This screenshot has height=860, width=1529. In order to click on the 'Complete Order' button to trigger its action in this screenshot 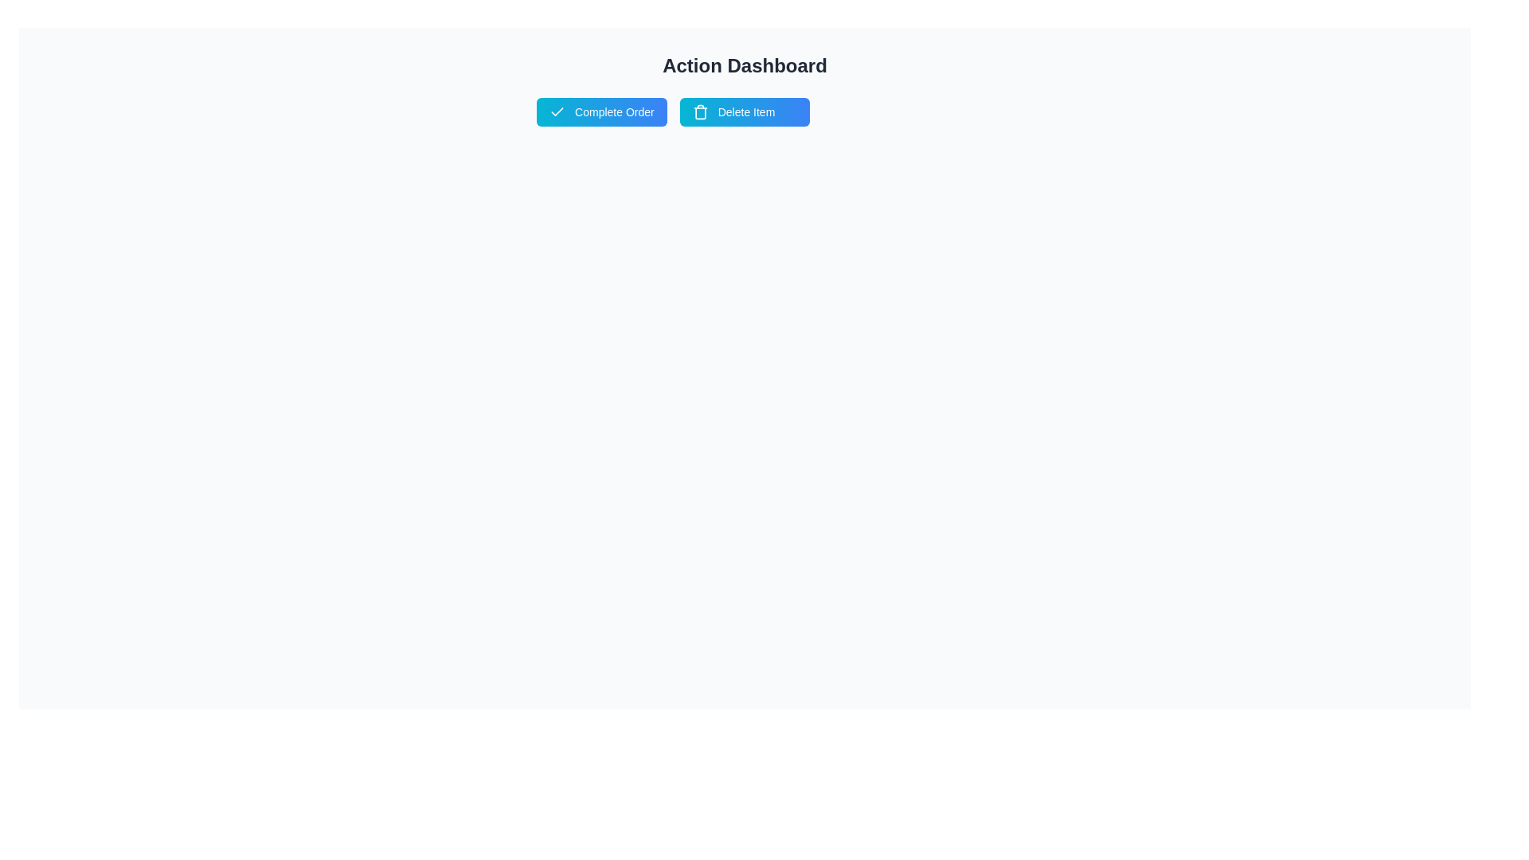, I will do `click(600, 111)`.